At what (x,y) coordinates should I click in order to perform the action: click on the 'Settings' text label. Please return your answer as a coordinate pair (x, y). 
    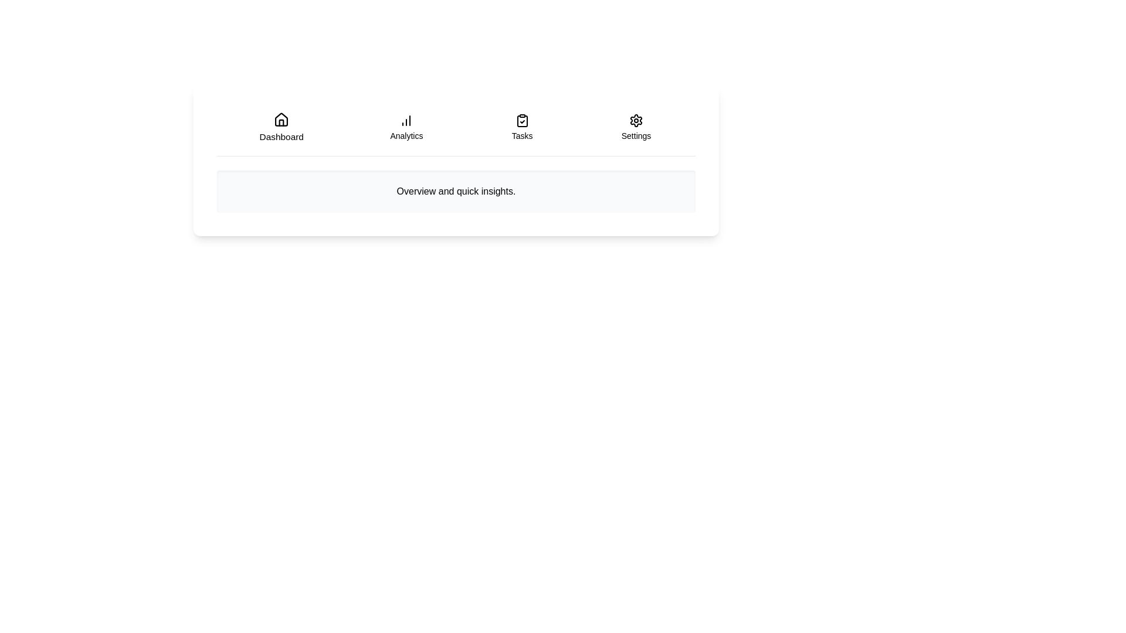
    Looking at the image, I should click on (635, 135).